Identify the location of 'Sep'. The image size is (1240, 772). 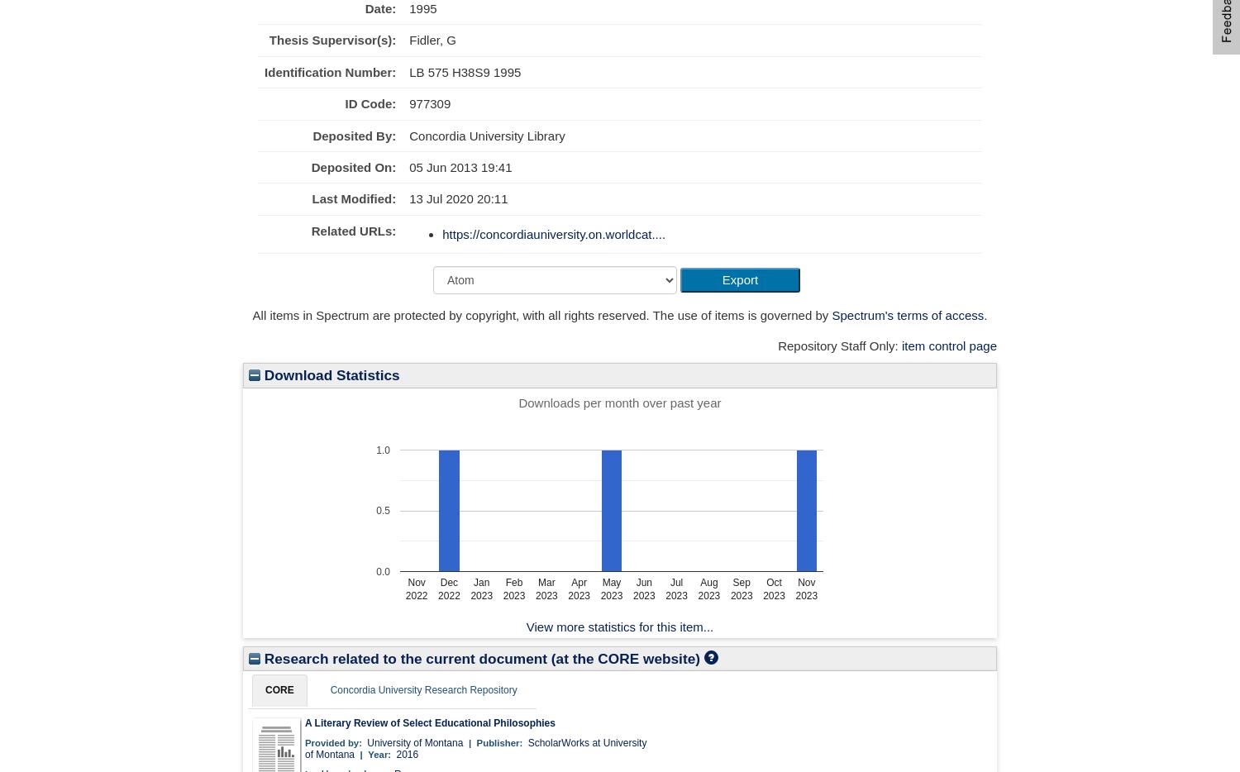
(741, 582).